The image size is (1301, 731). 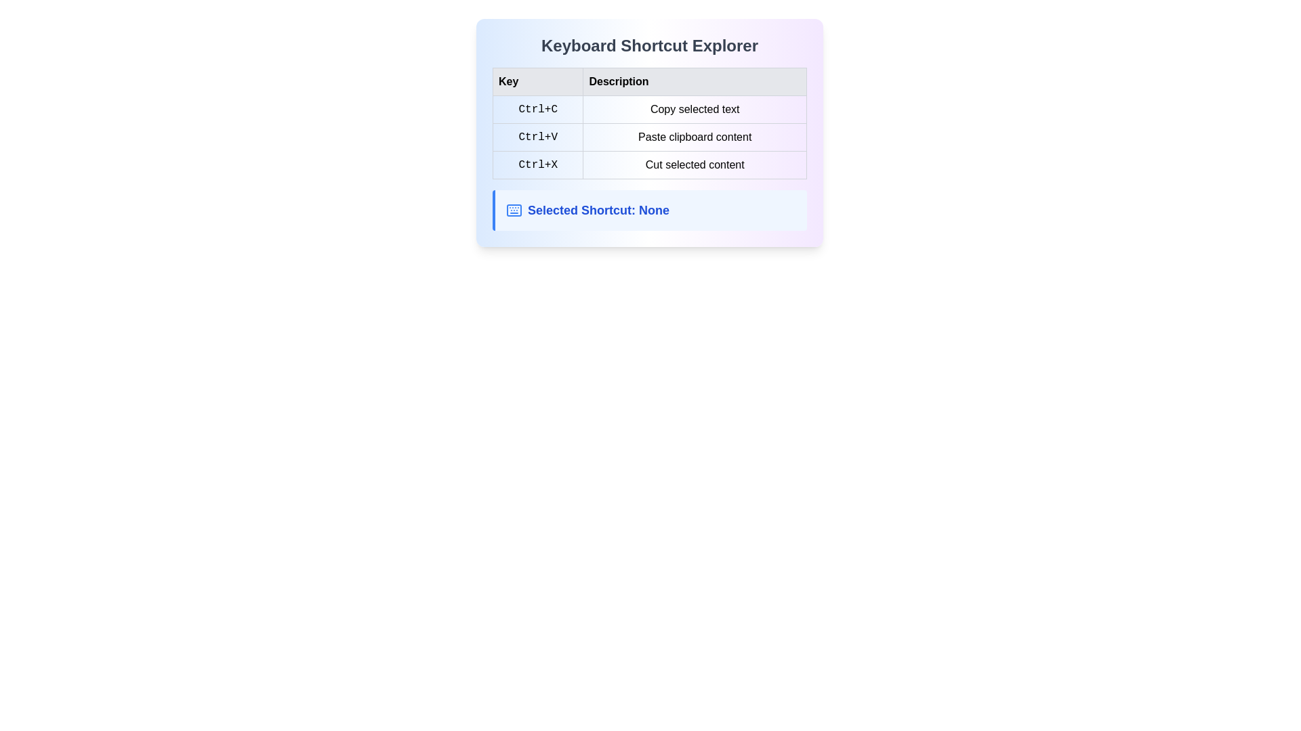 I want to click on the Text label that informs the user about the currently selected keyboard shortcut, located below the 'Keyboard Shortcut Explorer' table and grouped with a keyboard icon, so click(x=598, y=211).